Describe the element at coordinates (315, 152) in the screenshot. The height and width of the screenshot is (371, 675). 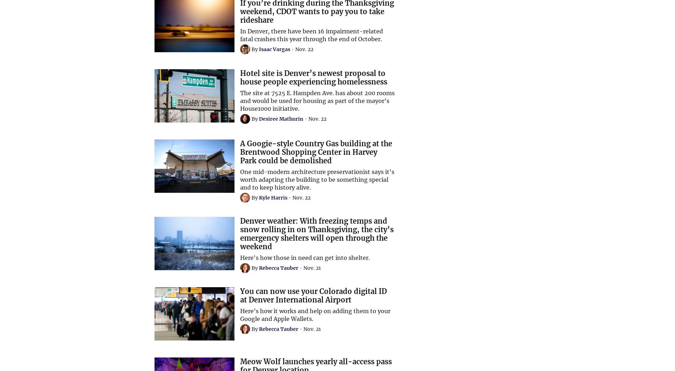
I see `'A Googie-style Country Gas building at the Brentwood Shopping Center in Harvey Park could be demolished'` at that location.